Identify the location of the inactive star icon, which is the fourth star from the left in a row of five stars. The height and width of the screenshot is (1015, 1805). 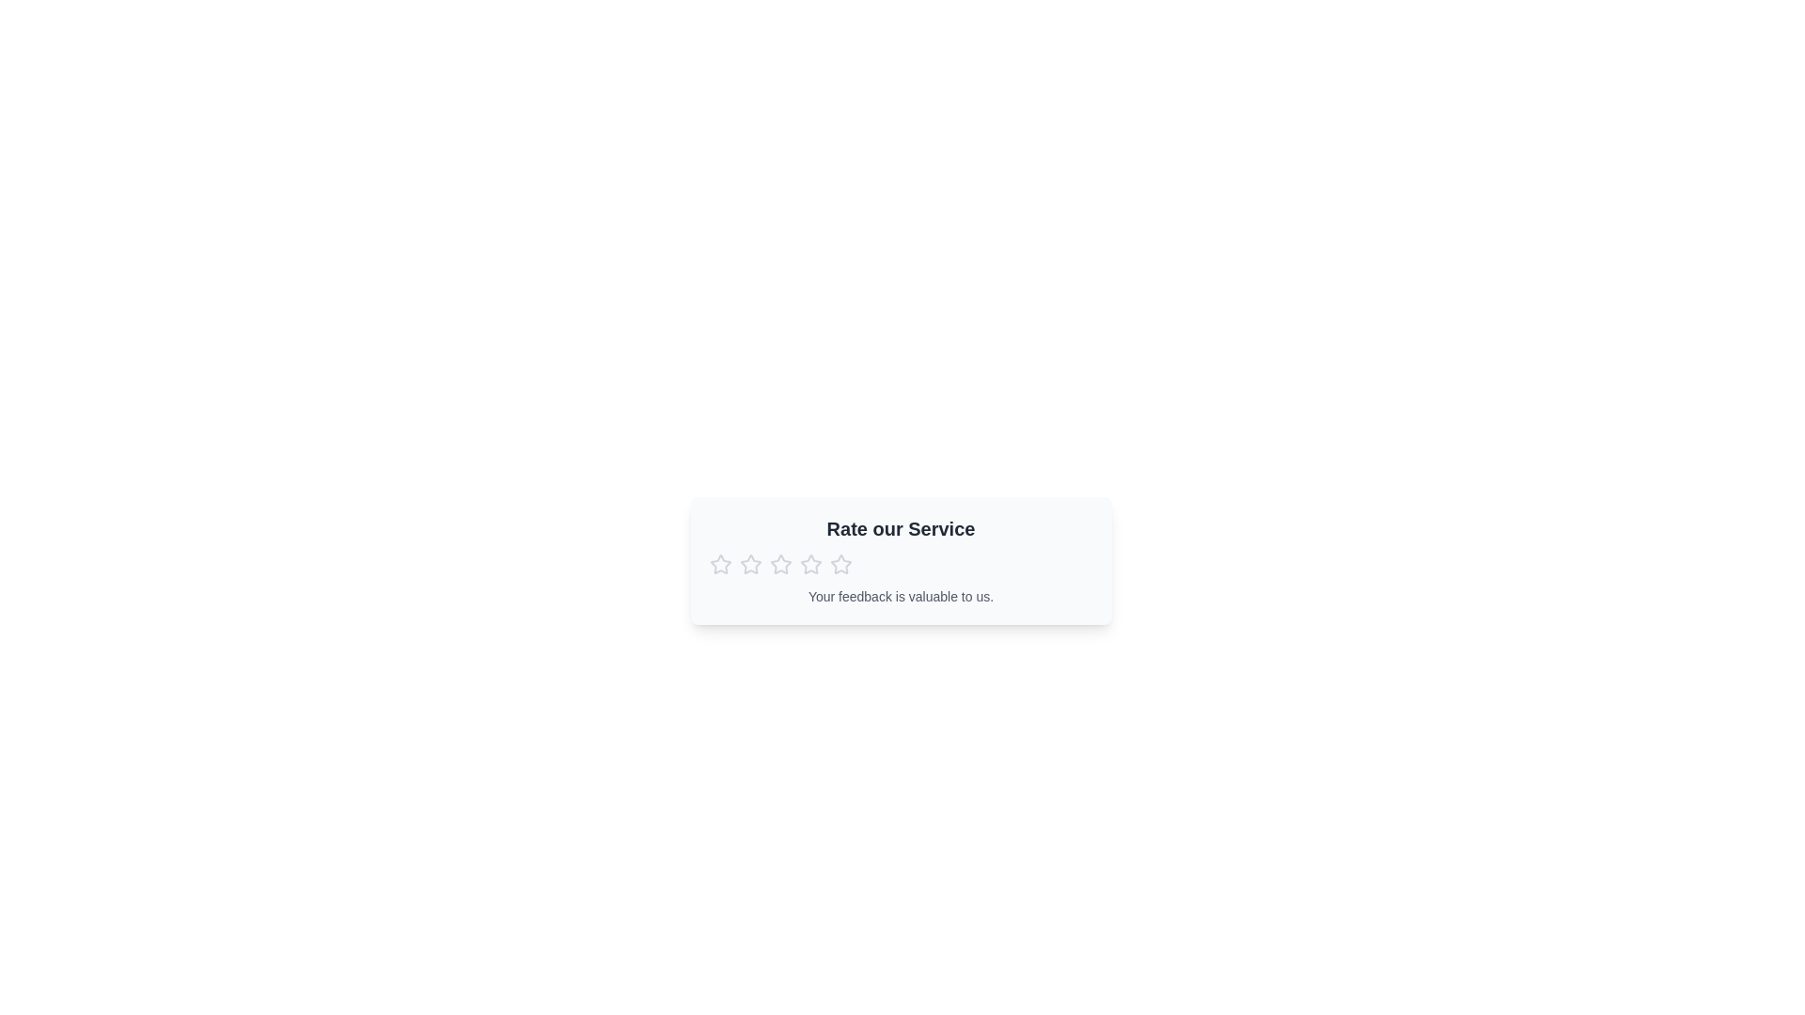
(810, 564).